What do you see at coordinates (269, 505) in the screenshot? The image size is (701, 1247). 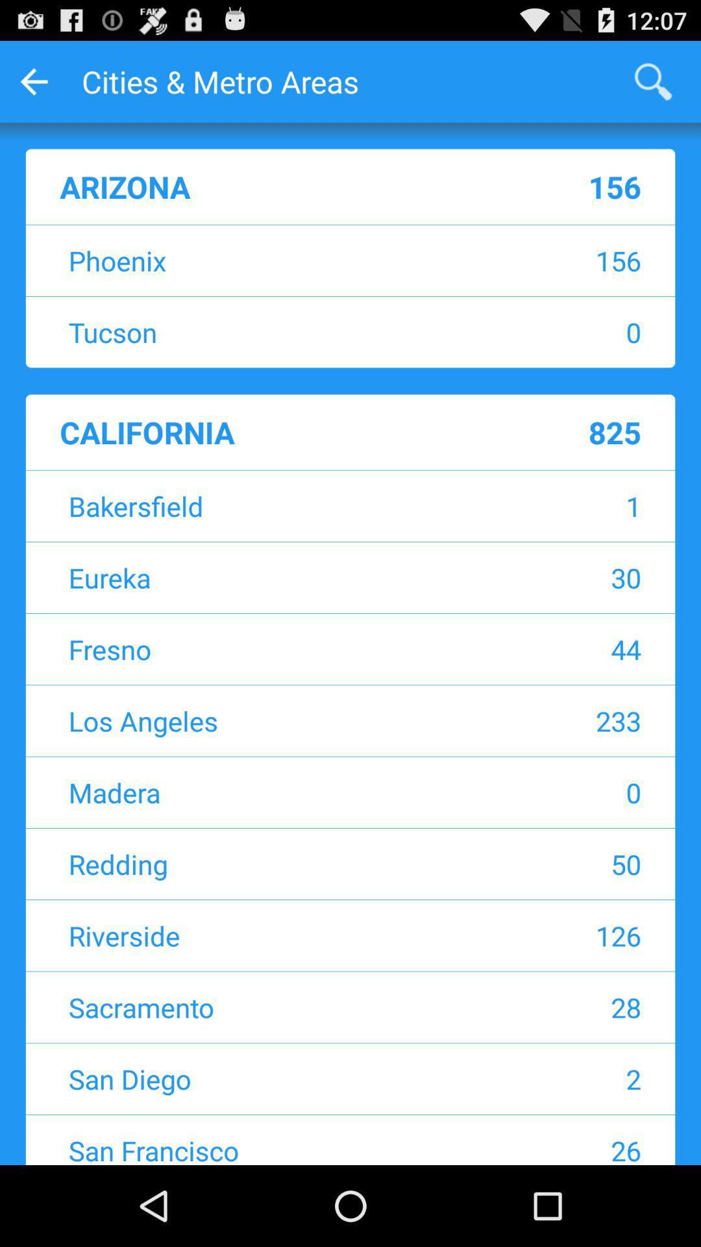 I see `bakersfield item` at bounding box center [269, 505].